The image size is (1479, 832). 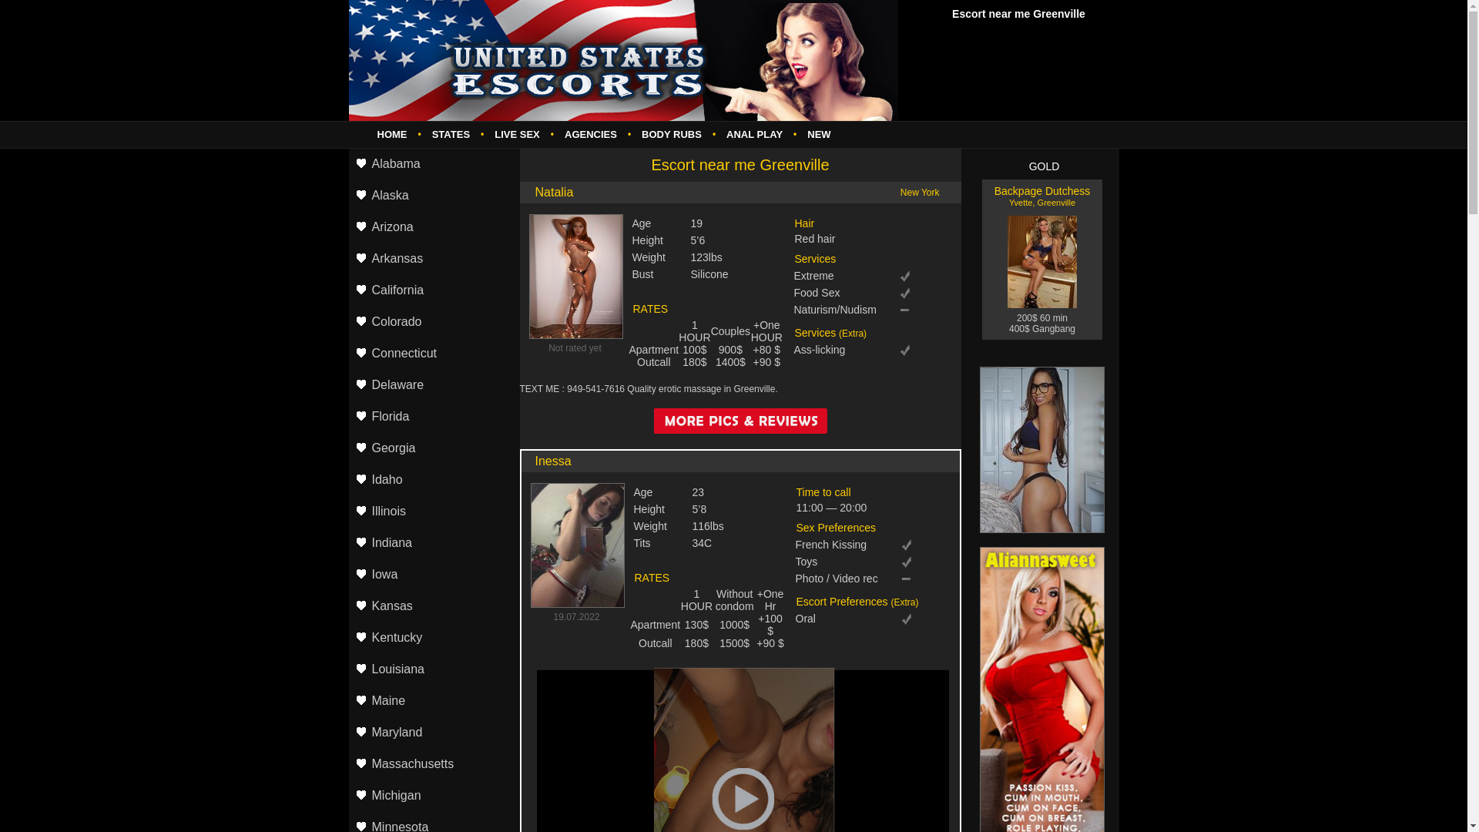 I want to click on 'NEW', so click(x=817, y=133).